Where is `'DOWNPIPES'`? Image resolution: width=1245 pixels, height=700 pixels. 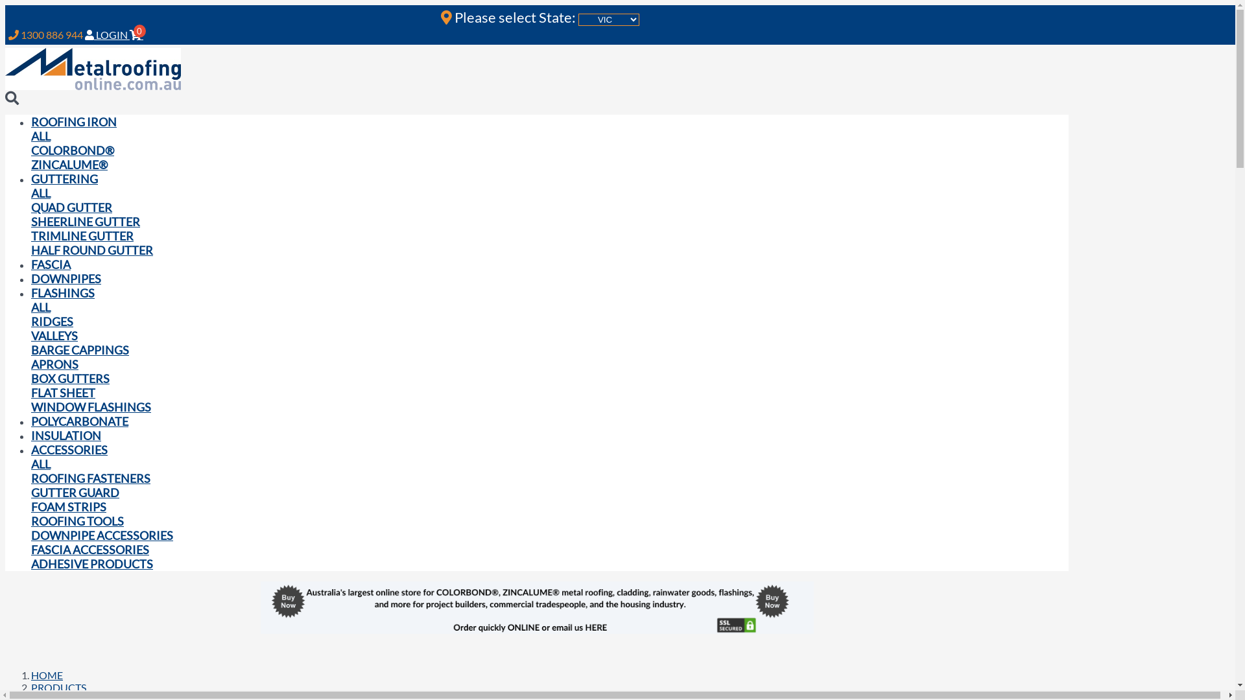
'DOWNPIPES' is located at coordinates (65, 277).